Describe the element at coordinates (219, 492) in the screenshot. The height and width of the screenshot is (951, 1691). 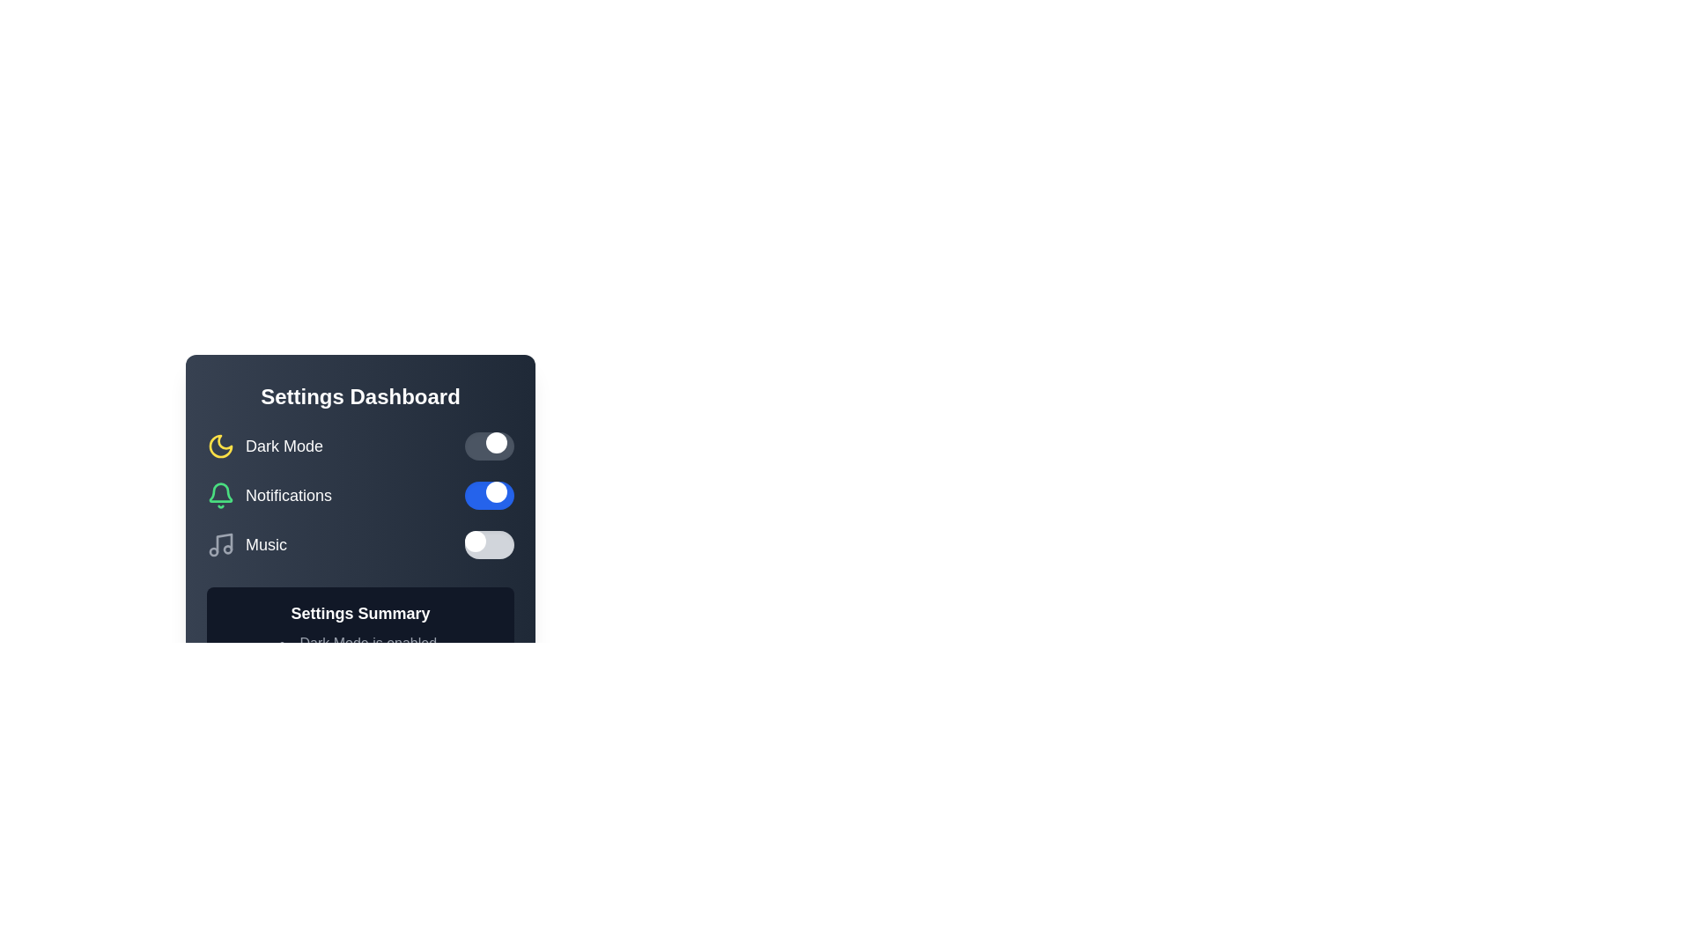
I see `the bell icon representing the 'Notifications' section, located inside the 'Settings Dashboard' to the left of the 'Notifications' toggle switch` at that location.